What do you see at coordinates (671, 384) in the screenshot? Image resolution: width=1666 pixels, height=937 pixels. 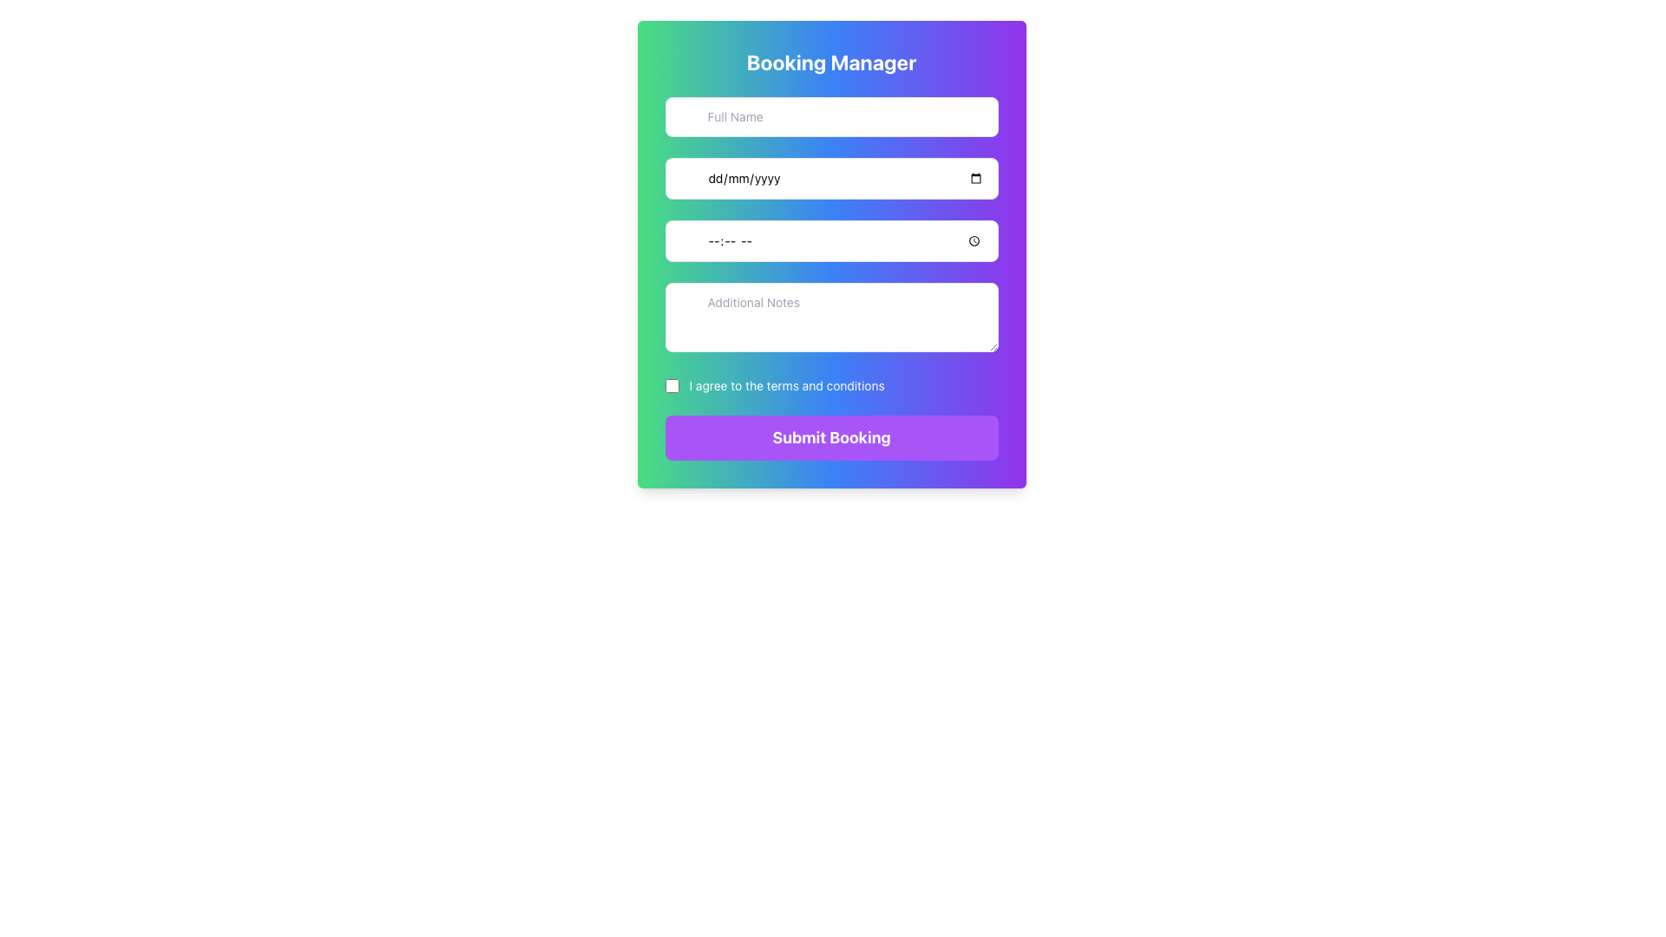 I see `the checkbox located to the far left of the label 'I agree to the terms and conditions'` at bounding box center [671, 384].